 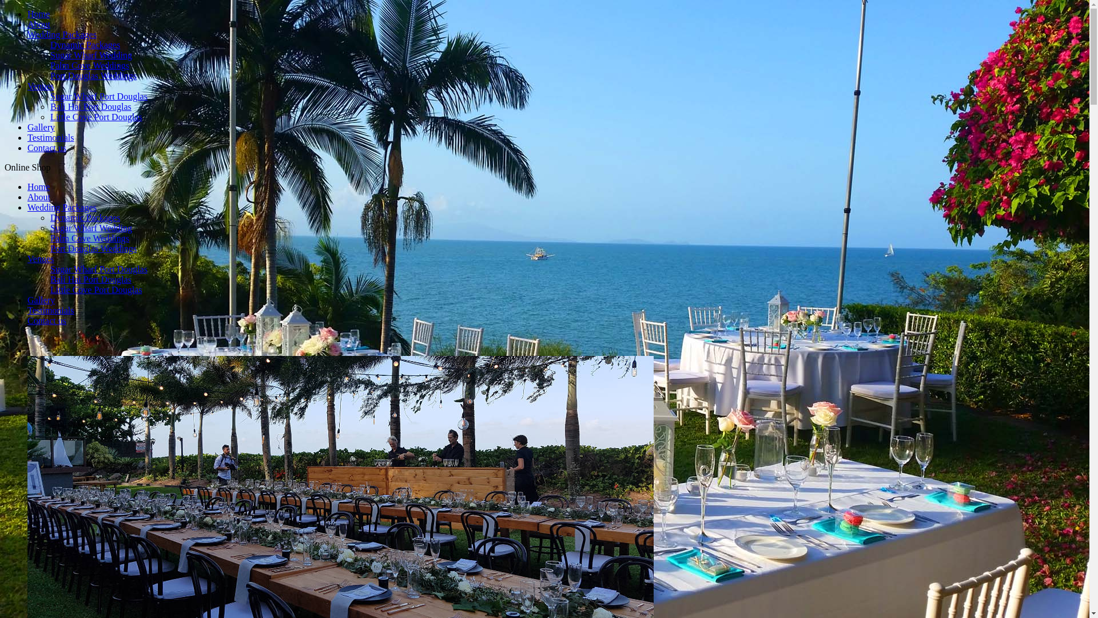 What do you see at coordinates (93, 76) in the screenshot?
I see `'Port Douglas Weddings'` at bounding box center [93, 76].